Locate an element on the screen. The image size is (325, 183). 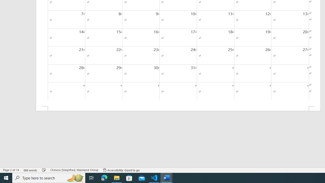
'Word Count 666 words' is located at coordinates (30, 170).